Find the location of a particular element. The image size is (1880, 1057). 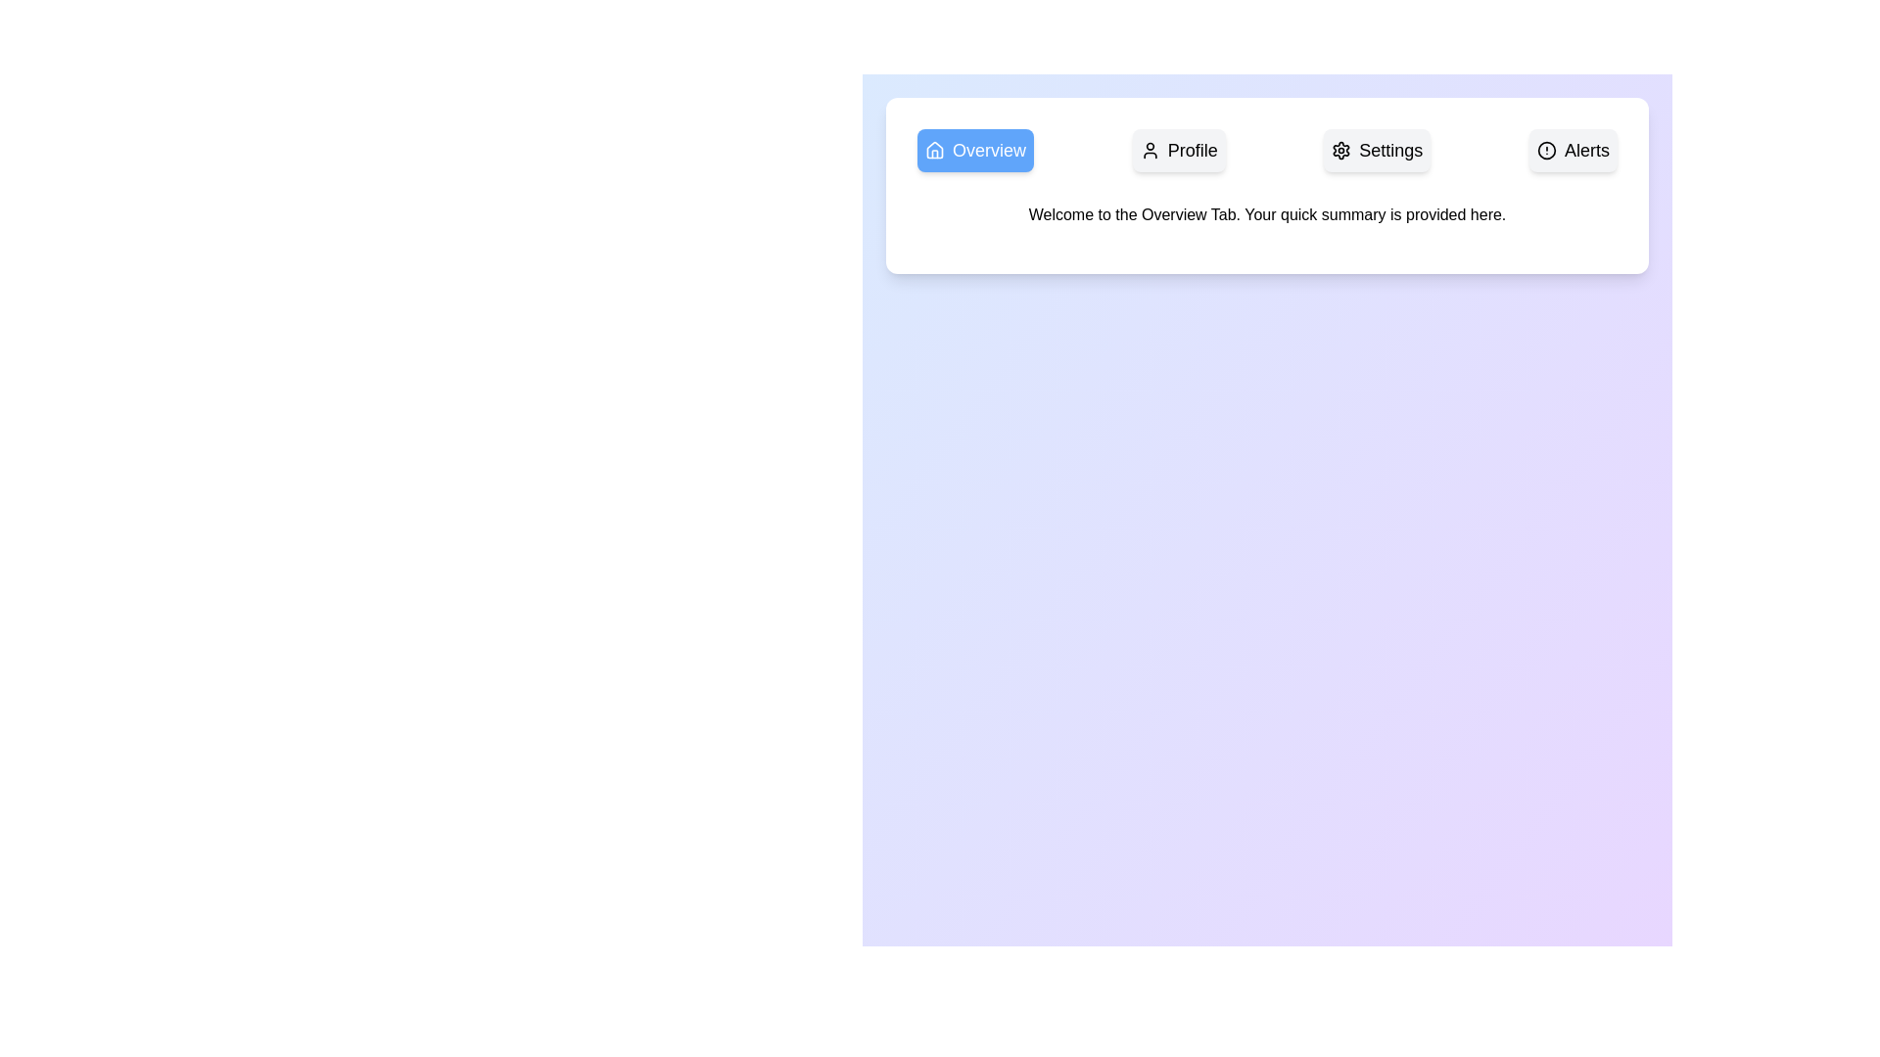

the 'Profile' text label, which is displayed in black font and located centrally within the navigation bar, positioned to the right of the 'Overview' button and to the left of the 'Settings' button is located at coordinates (1192, 150).